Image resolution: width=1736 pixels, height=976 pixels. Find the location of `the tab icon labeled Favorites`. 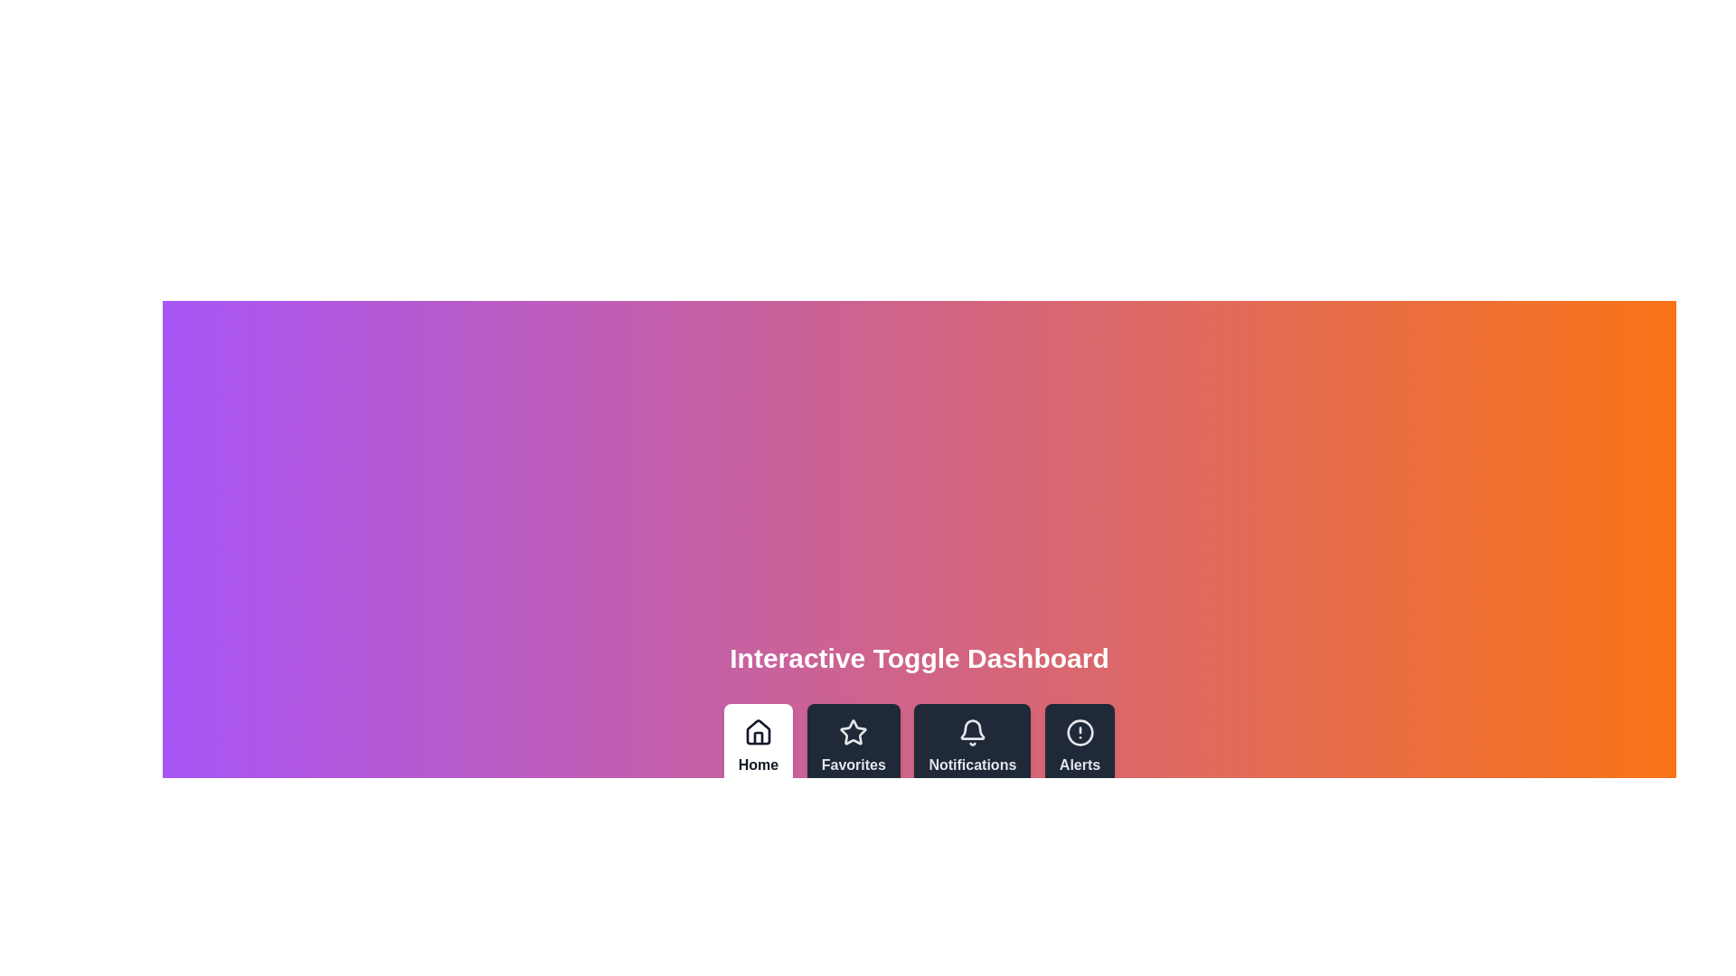

the tab icon labeled Favorites is located at coordinates (853, 746).